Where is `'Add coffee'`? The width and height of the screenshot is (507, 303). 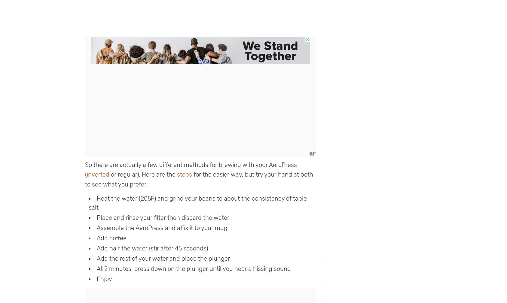 'Add coffee' is located at coordinates (111, 238).